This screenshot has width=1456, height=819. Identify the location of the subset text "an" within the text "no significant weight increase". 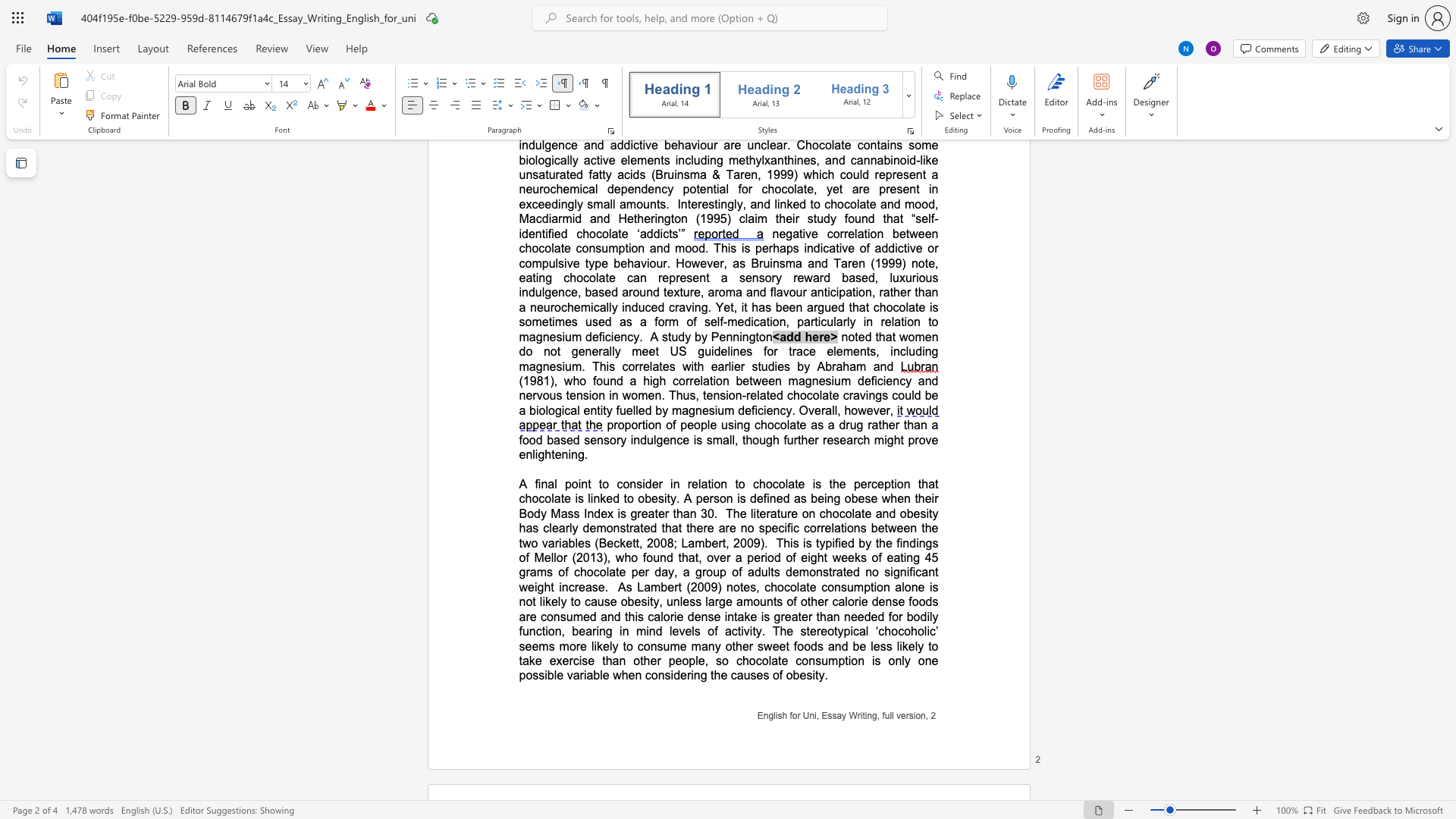
(921, 572).